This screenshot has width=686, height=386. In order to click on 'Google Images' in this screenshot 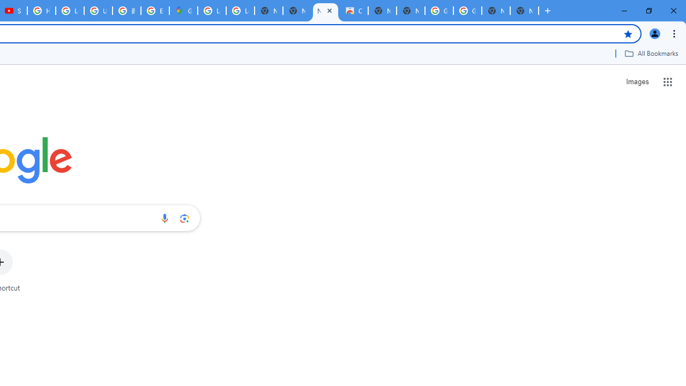, I will do `click(467, 11)`.